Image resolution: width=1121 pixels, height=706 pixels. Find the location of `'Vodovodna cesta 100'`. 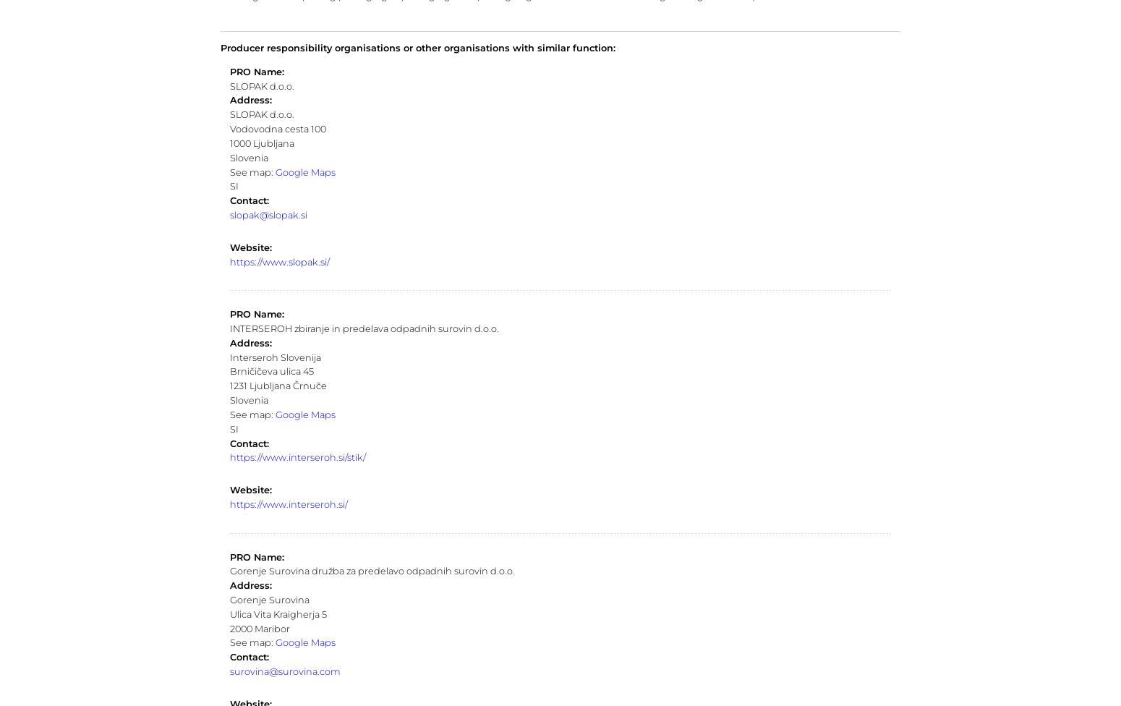

'Vodovodna cesta 100' is located at coordinates (276, 128).